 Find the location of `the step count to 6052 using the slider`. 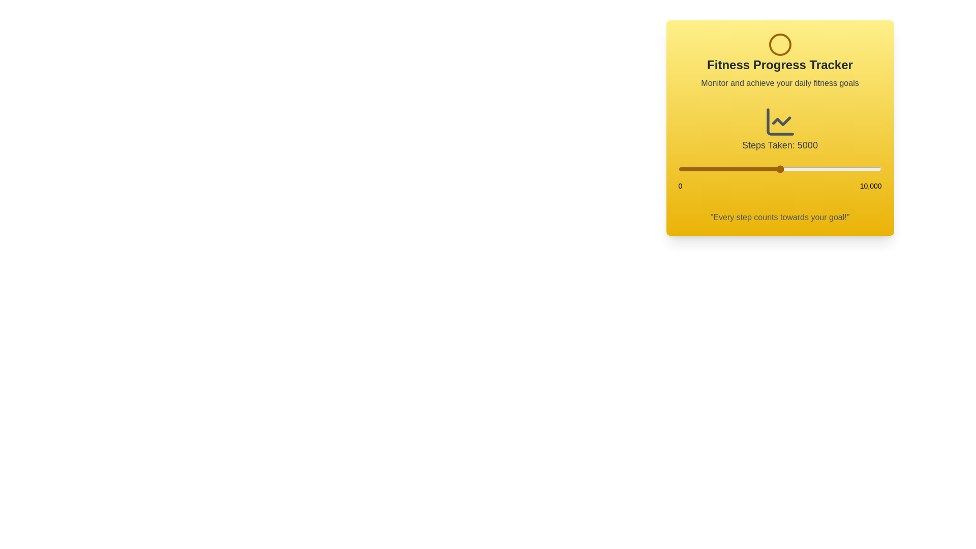

the step count to 6052 using the slider is located at coordinates (801, 168).